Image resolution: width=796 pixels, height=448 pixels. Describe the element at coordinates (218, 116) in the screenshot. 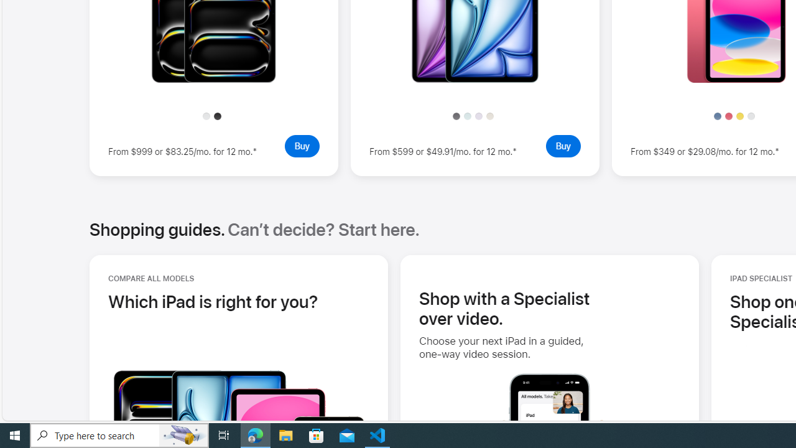

I see `'Space Black'` at that location.